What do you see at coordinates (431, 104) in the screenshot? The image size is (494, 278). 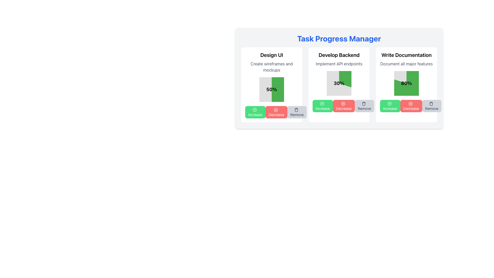 I see `the trash bin icon located at the center of the 'Remove' button in the bottom-right section of the last task card related to 'Write Documentation'` at bounding box center [431, 104].